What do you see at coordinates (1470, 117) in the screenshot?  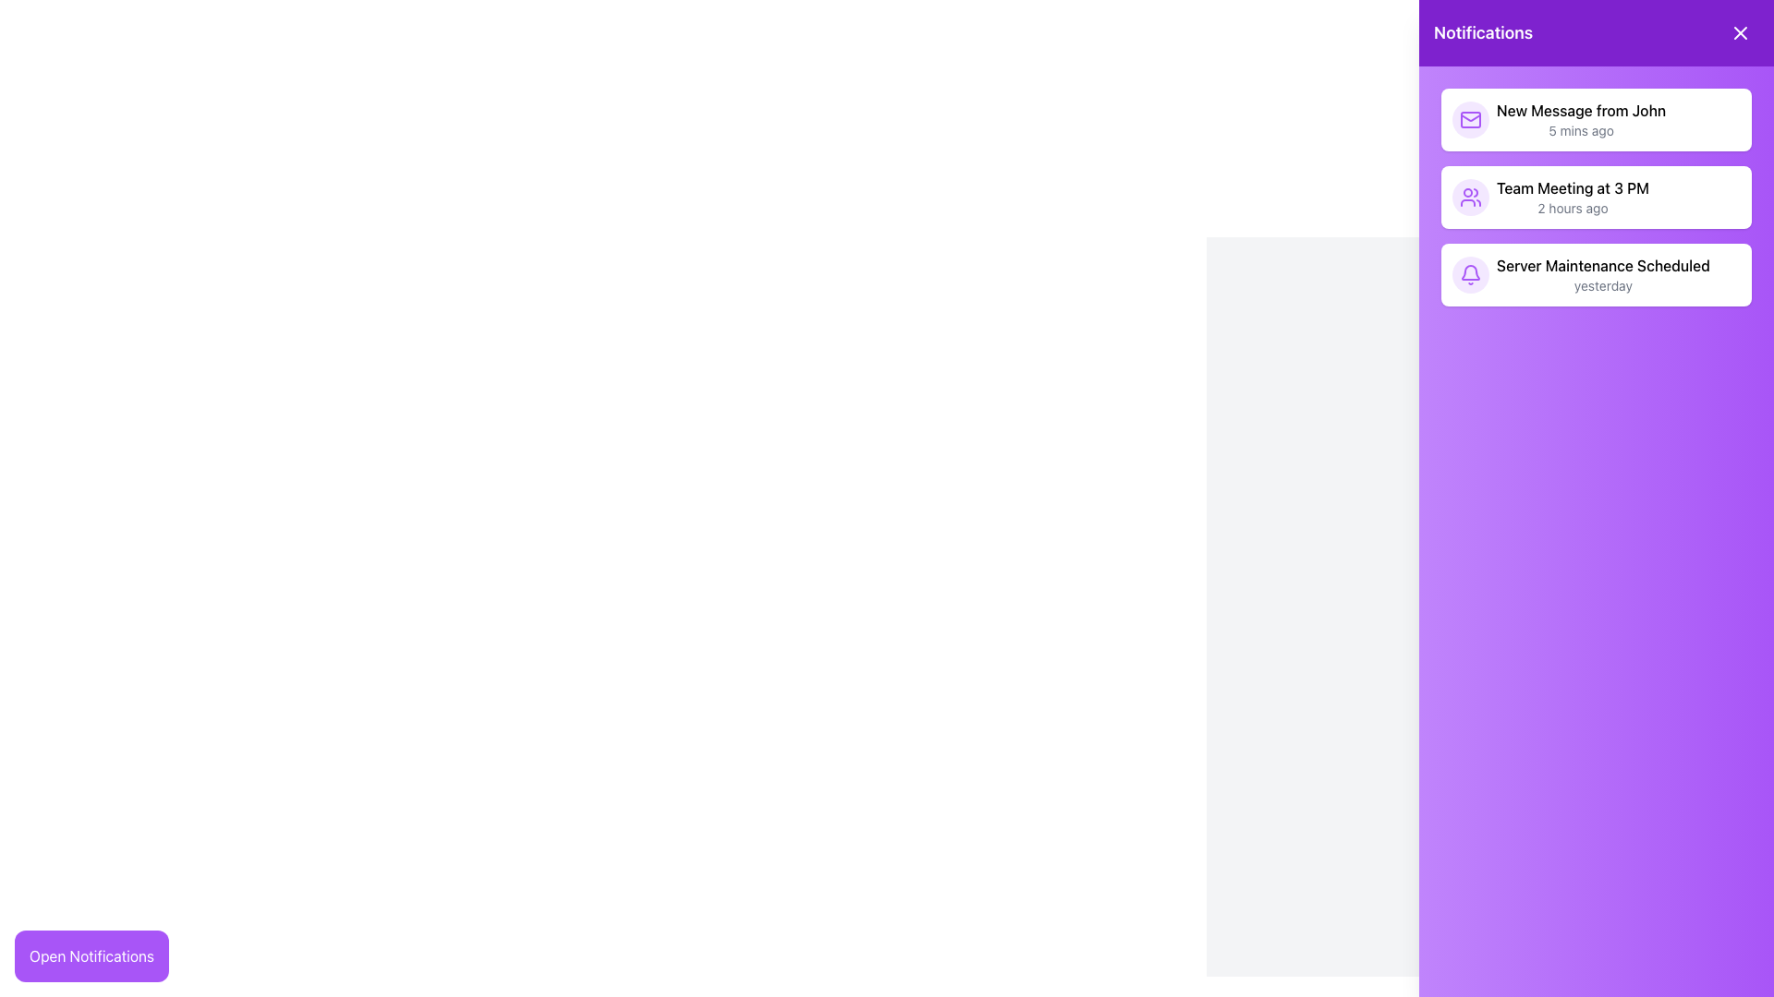 I see `the envelope icon within the notification panel that indicates a new message from John` at bounding box center [1470, 117].